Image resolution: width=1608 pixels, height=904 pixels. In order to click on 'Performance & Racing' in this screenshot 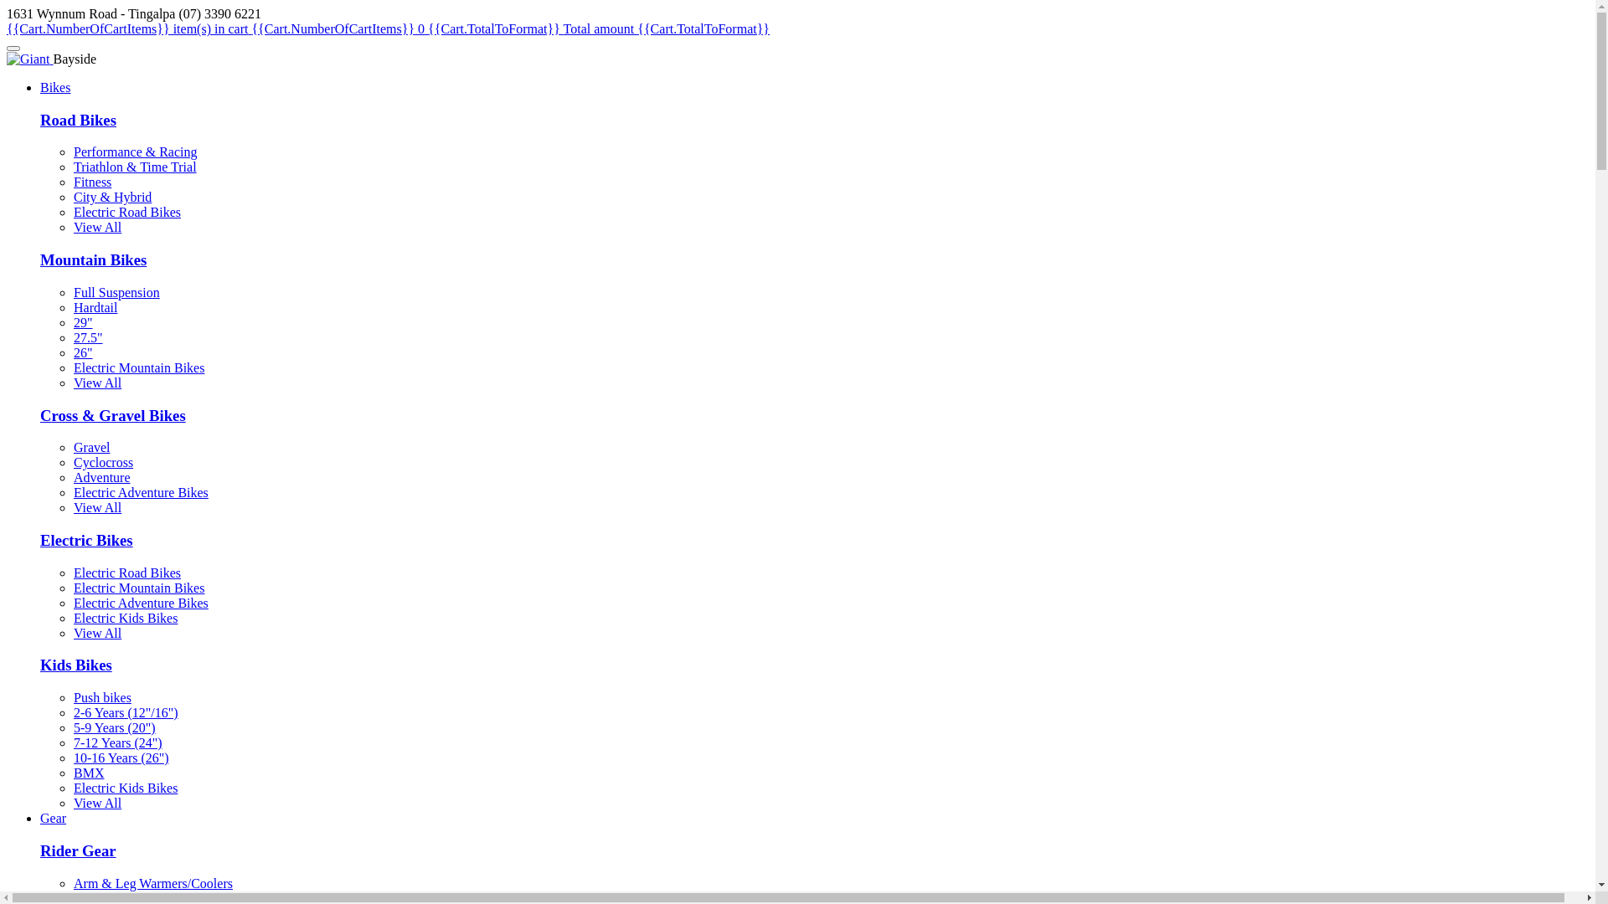, I will do `click(136, 152)`.